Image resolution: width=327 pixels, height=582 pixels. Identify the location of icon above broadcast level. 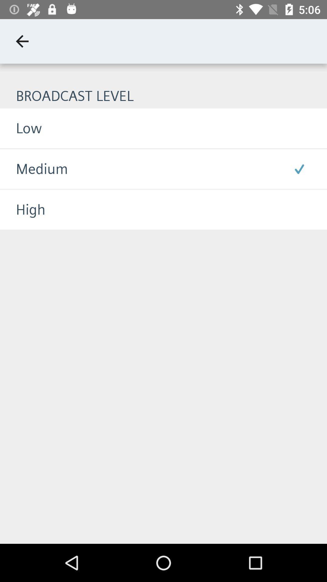
(22, 41).